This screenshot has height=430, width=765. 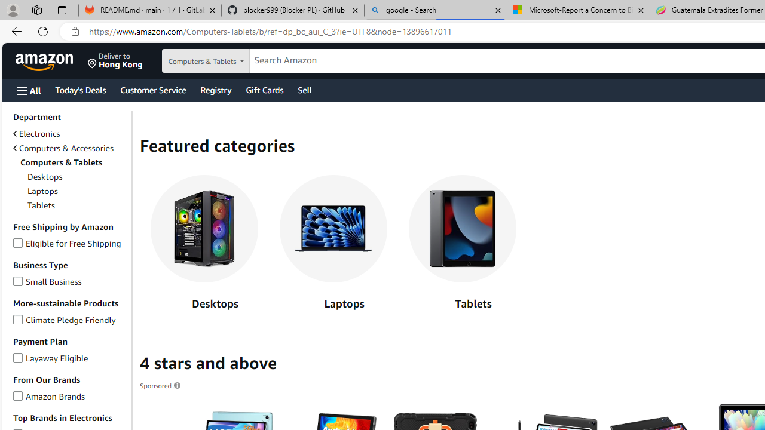 What do you see at coordinates (18, 394) in the screenshot?
I see `'Amazon Brands'` at bounding box center [18, 394].